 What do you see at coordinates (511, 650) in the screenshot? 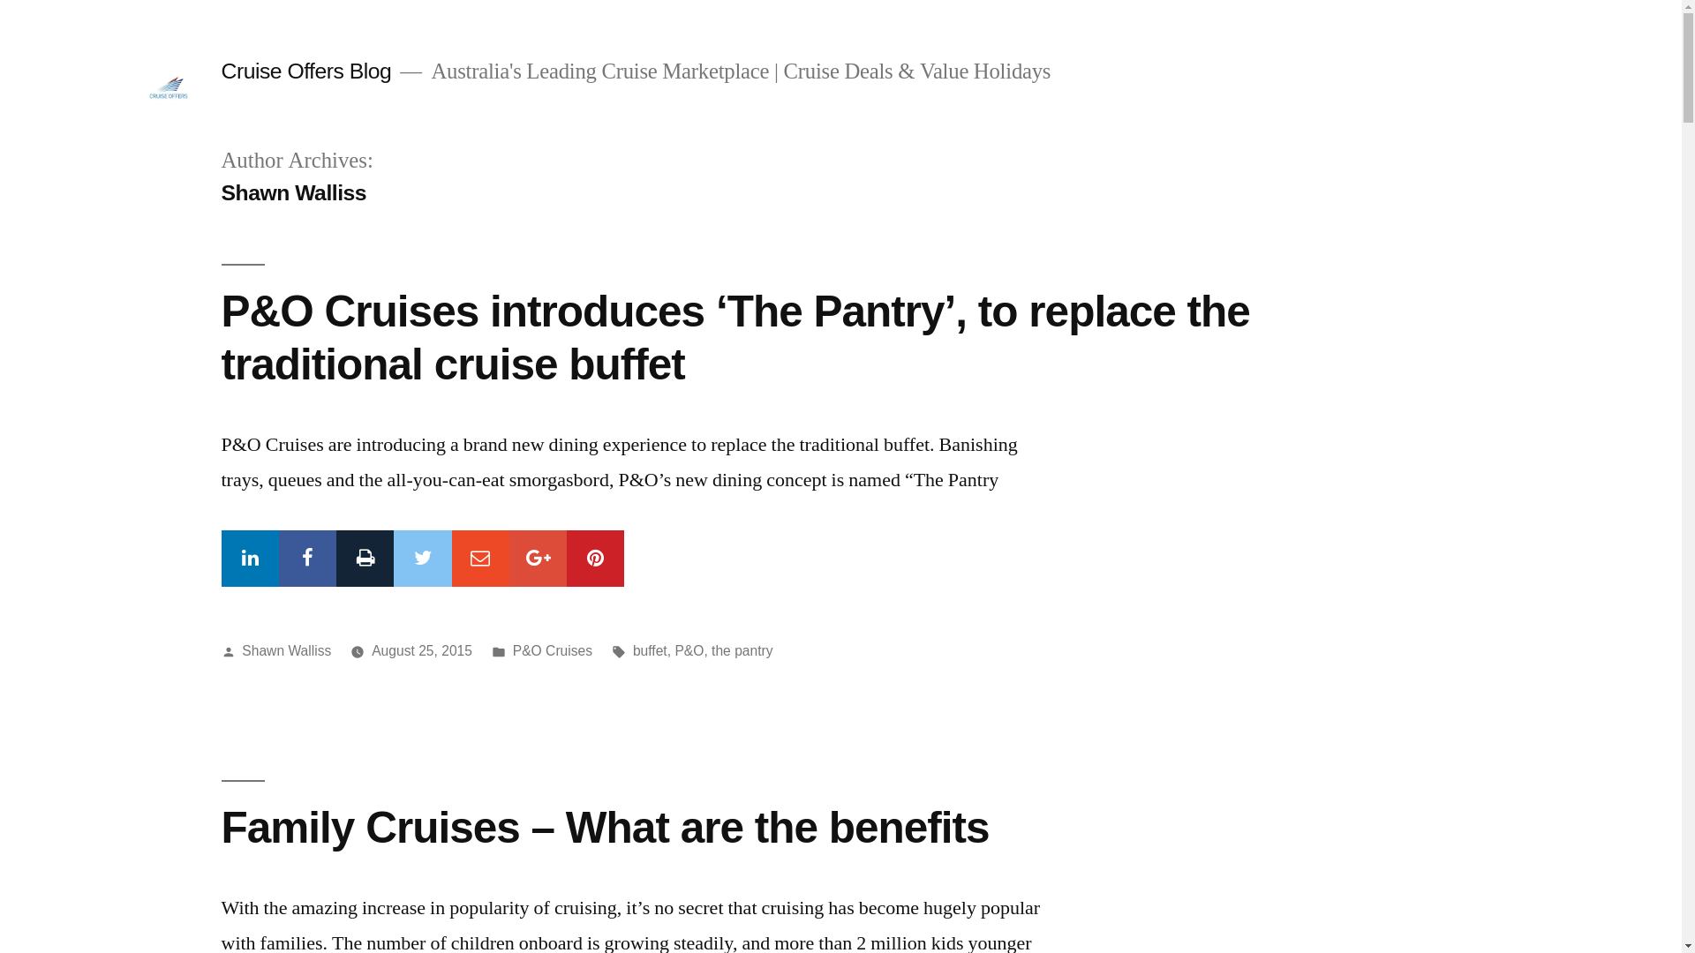
I see `'P&O Cruises'` at bounding box center [511, 650].